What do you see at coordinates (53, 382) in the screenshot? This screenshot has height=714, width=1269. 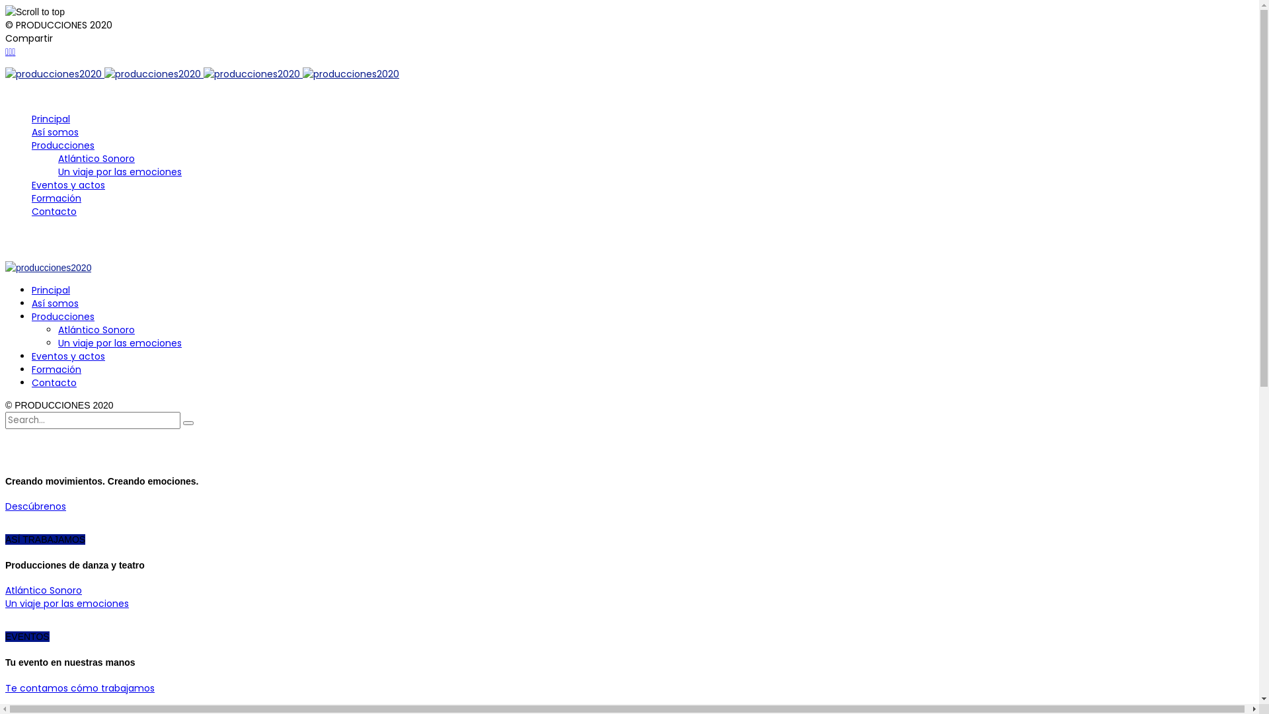 I see `'Contacto'` at bounding box center [53, 382].